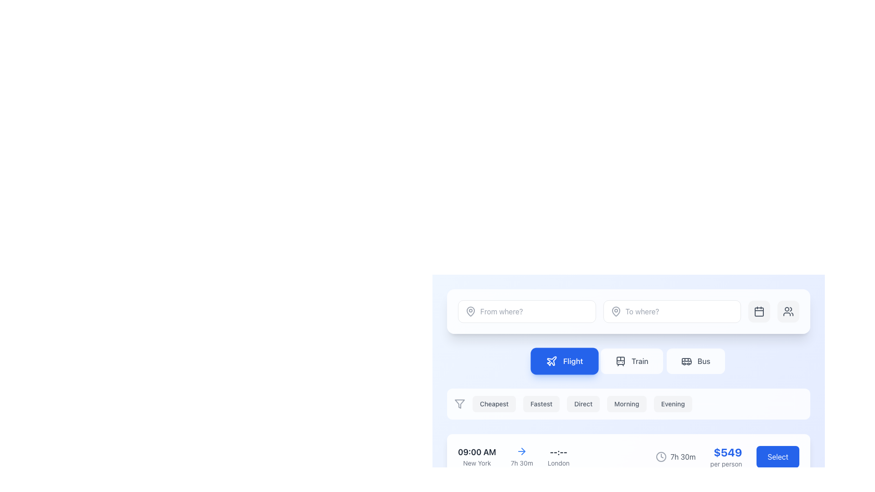 This screenshot has width=875, height=492. Describe the element at coordinates (459, 404) in the screenshot. I see `the filter icon, which is the first item in a horizontal list of buttons used for narrowing down options based on criteria` at that location.